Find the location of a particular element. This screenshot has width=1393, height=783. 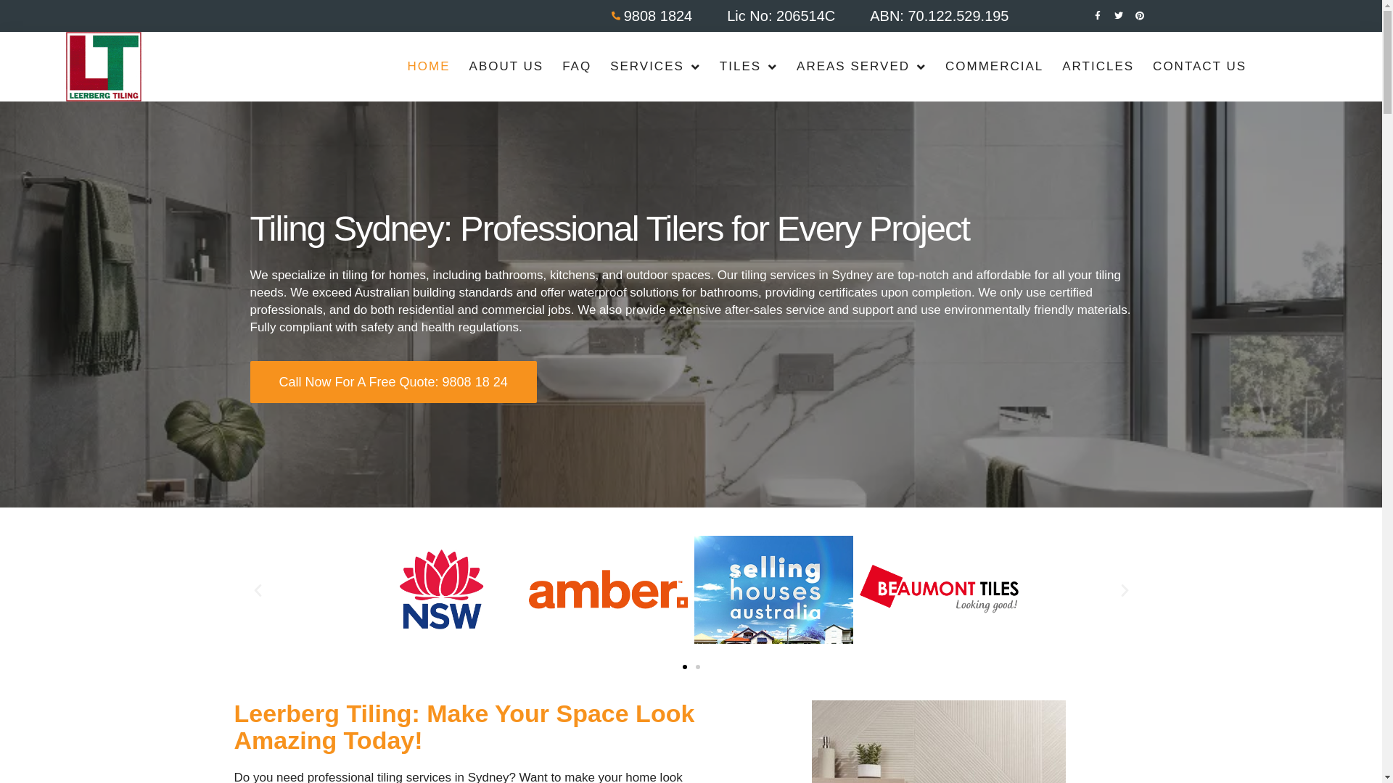

'ABOUT US' is located at coordinates (459, 67).